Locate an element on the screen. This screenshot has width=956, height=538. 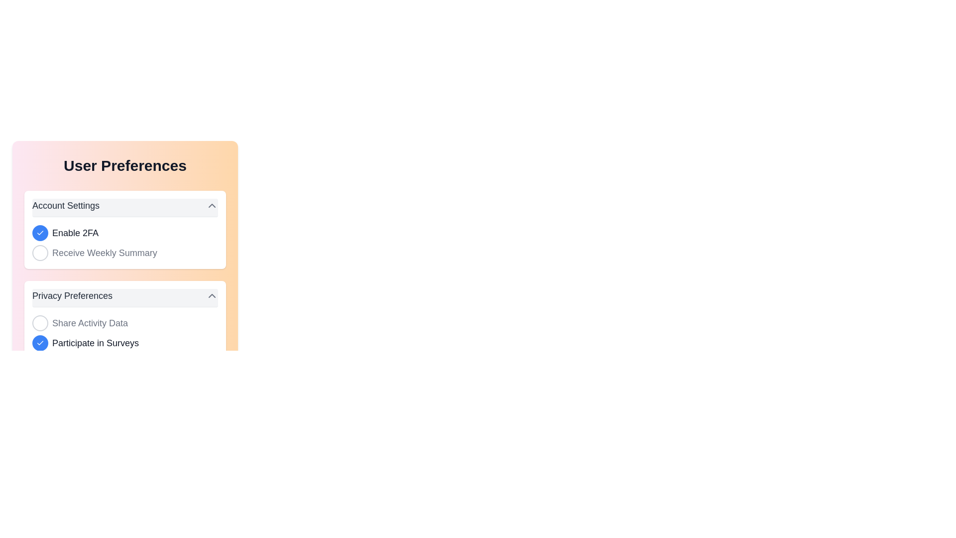
the checked state icon representing the enabled 'Enable 2FA' option in the 'Account Settings' section, located adjacent to the text label is located at coordinates (40, 233).